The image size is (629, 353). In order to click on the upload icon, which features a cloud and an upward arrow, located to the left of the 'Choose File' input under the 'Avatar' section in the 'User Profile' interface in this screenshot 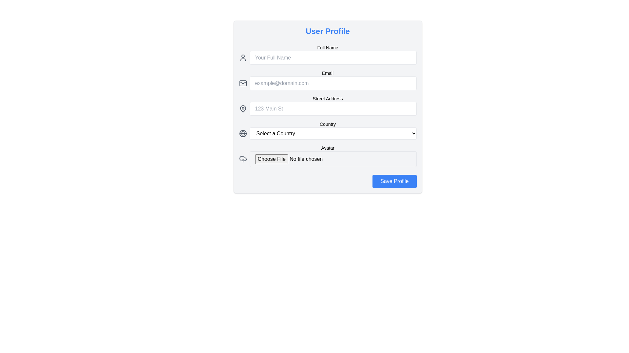, I will do `click(242, 159)`.